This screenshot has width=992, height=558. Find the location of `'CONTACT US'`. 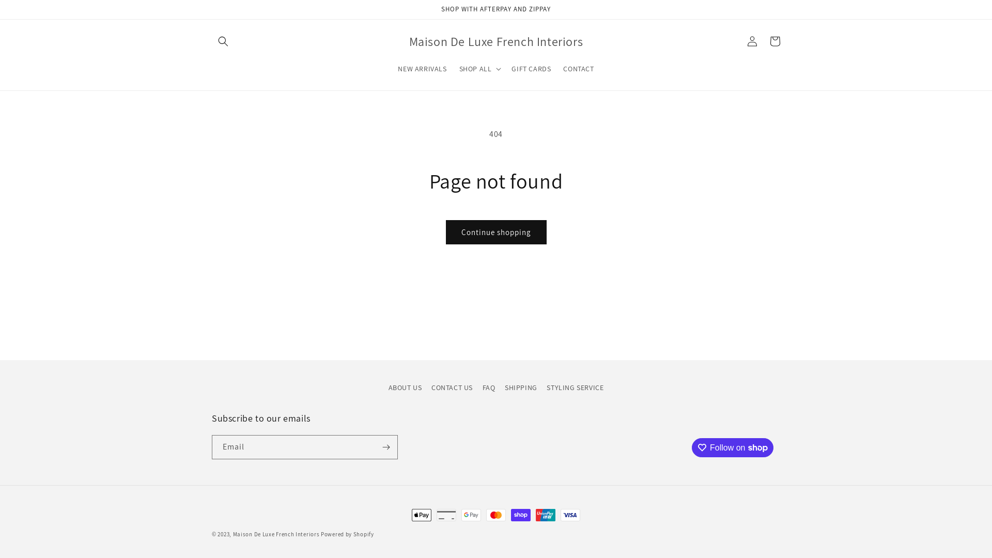

'CONTACT US' is located at coordinates (452, 388).